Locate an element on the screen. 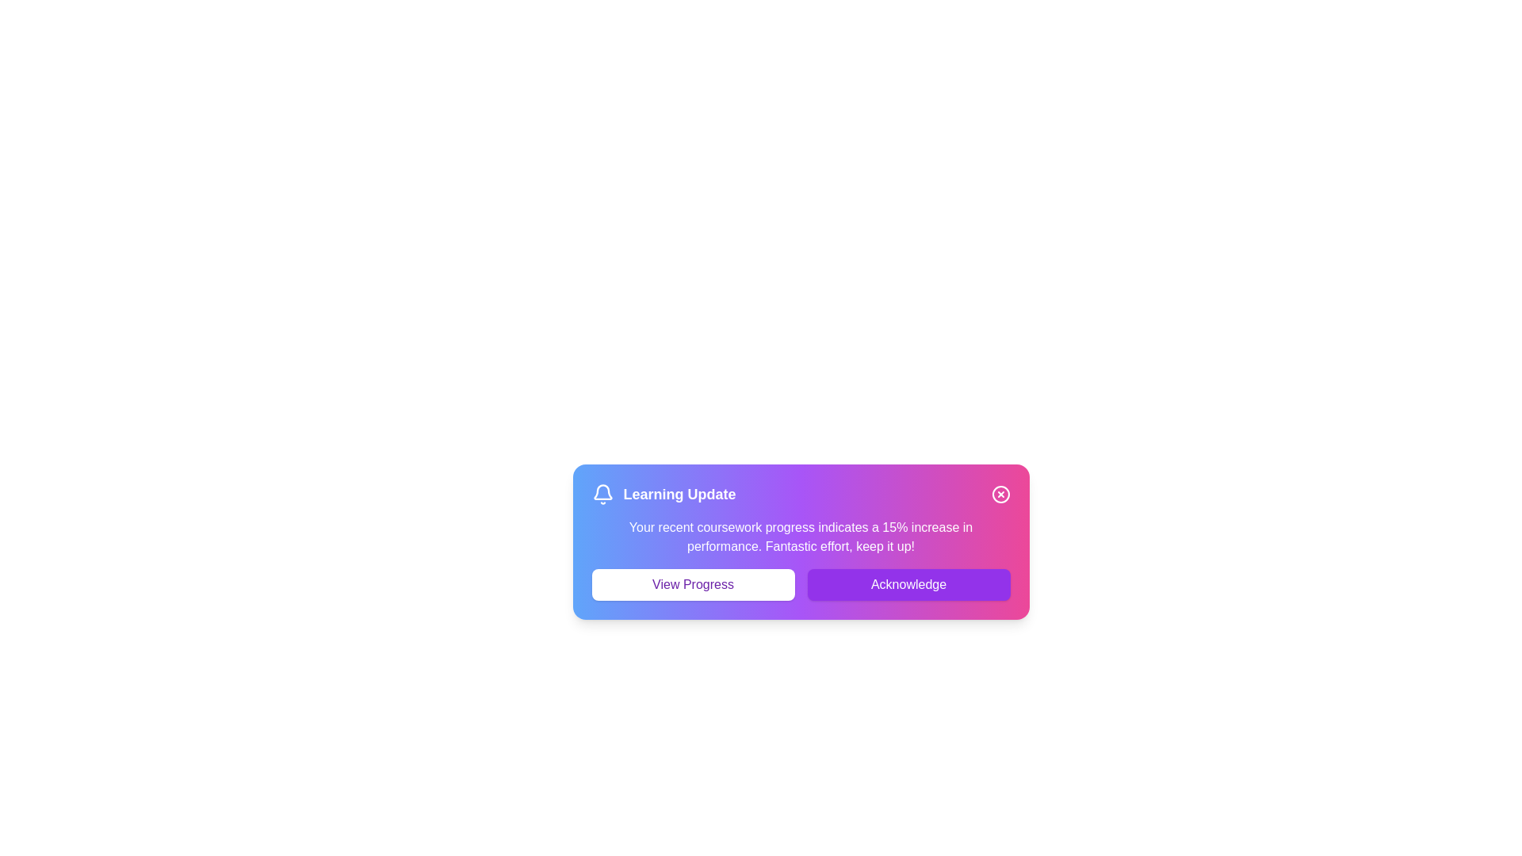  the 'View Progress' button to view progress details is located at coordinates (693, 584).